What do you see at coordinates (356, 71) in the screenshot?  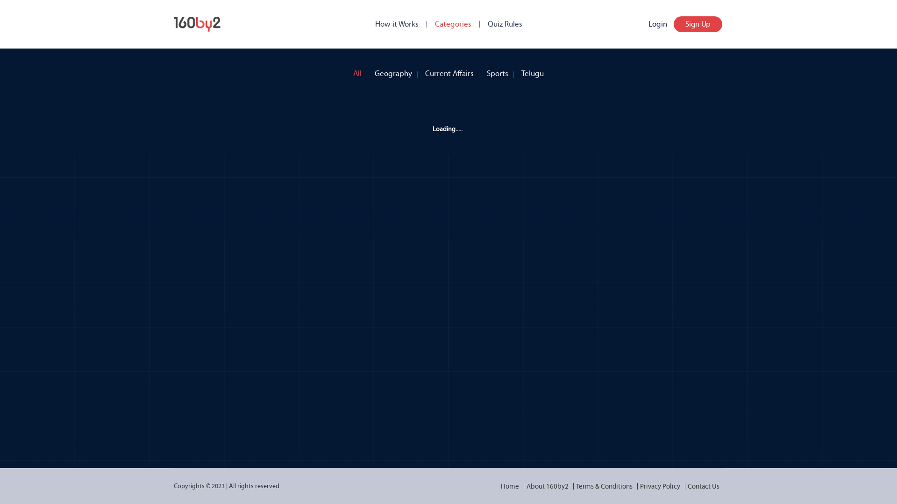 I see `'All'` at bounding box center [356, 71].